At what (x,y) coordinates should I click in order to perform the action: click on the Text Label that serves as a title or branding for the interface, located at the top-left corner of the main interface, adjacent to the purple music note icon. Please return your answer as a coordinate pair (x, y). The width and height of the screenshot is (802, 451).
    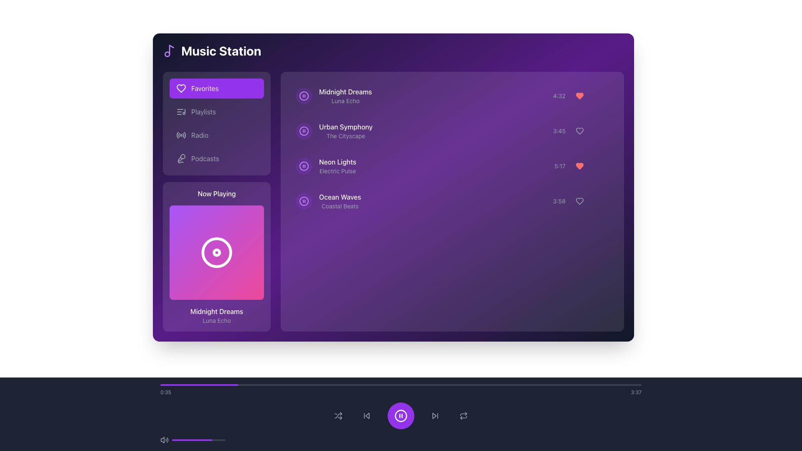
    Looking at the image, I should click on (212, 51).